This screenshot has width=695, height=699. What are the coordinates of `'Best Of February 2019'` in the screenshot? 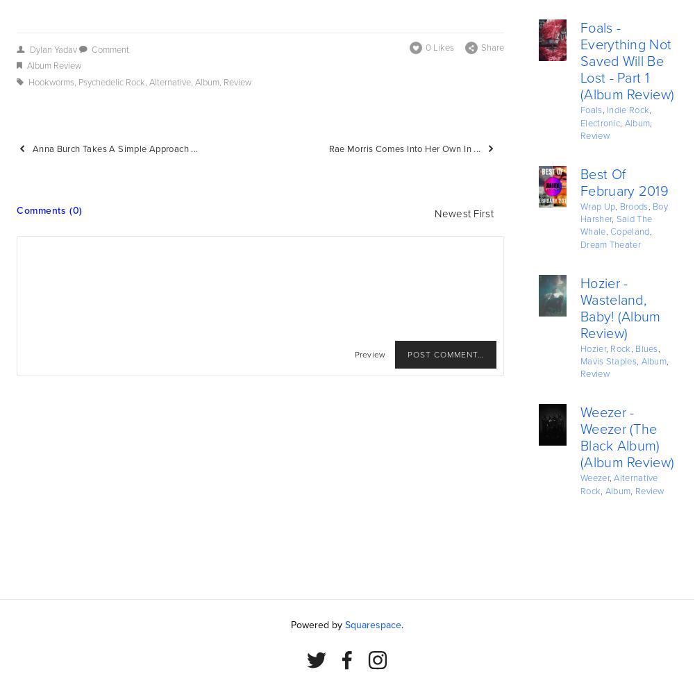 It's located at (623, 183).